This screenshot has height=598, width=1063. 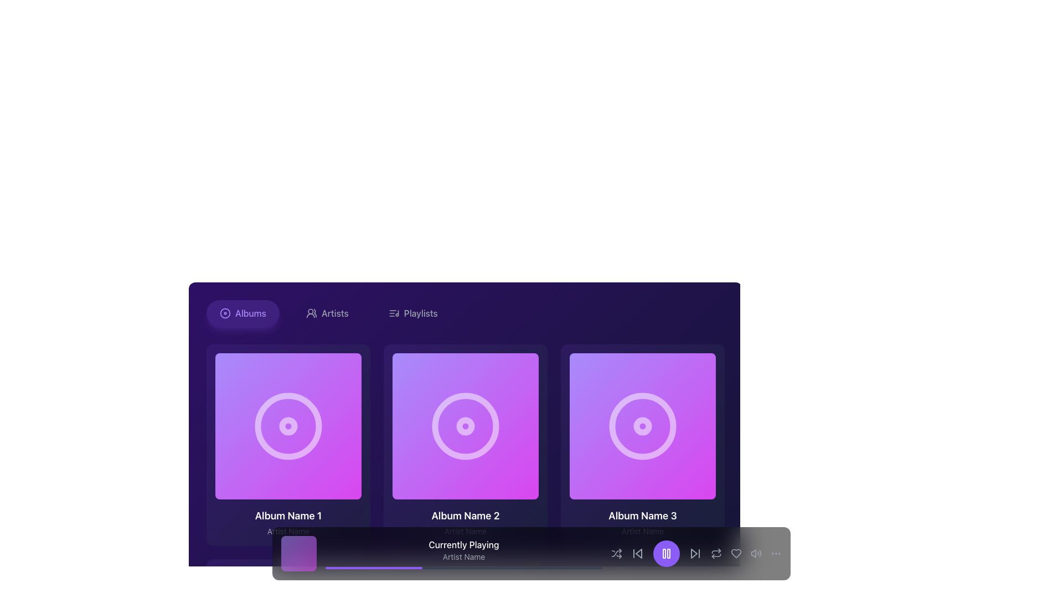 What do you see at coordinates (643, 426) in the screenshot?
I see `the circular icon located at the center of the last album card in the grid, which has a minimalistic design with a gradient background` at bounding box center [643, 426].